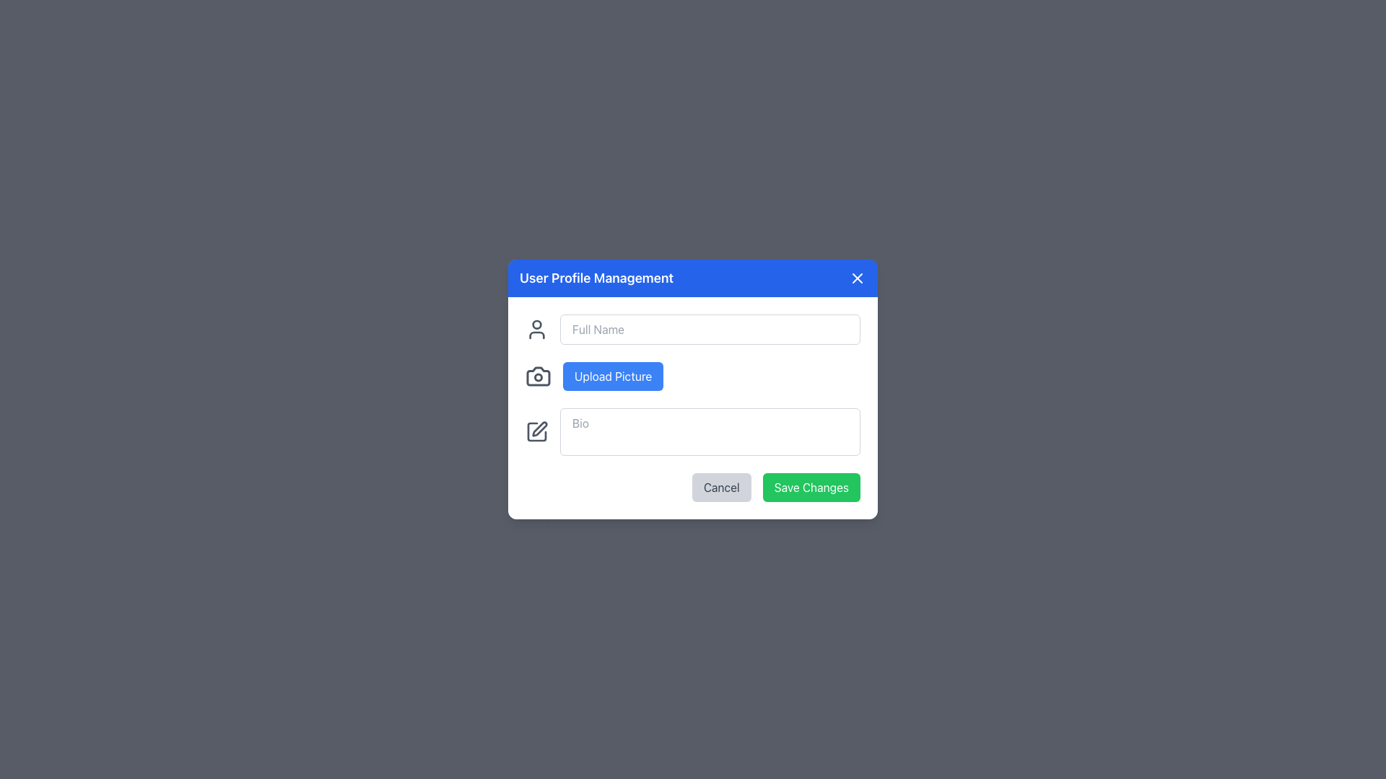 The height and width of the screenshot is (779, 1386). What do you see at coordinates (536, 335) in the screenshot?
I see `the SVG Icon that serves as a visual indicator for the 'Full Name' input field in the 'User Profile Management' modal dialog box` at bounding box center [536, 335].